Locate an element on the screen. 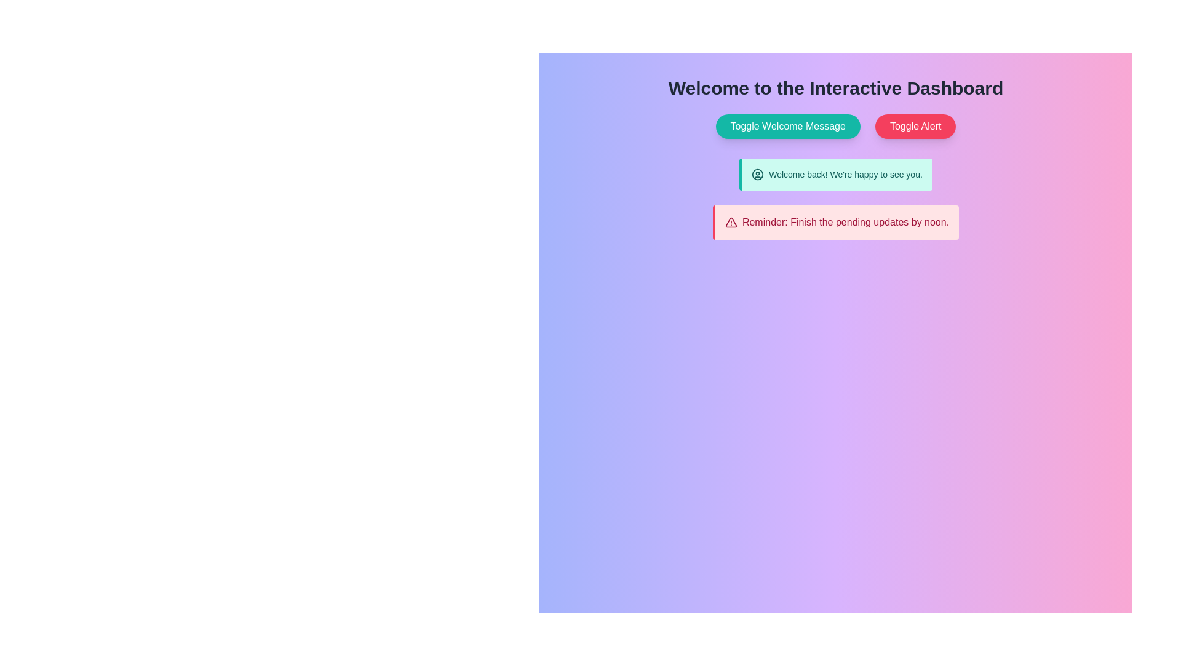 Image resolution: width=1181 pixels, height=664 pixels. the Alert box that conveys an urgent reminder about finishing pending updates by noon, located below the welcome message section is located at coordinates (835, 223).